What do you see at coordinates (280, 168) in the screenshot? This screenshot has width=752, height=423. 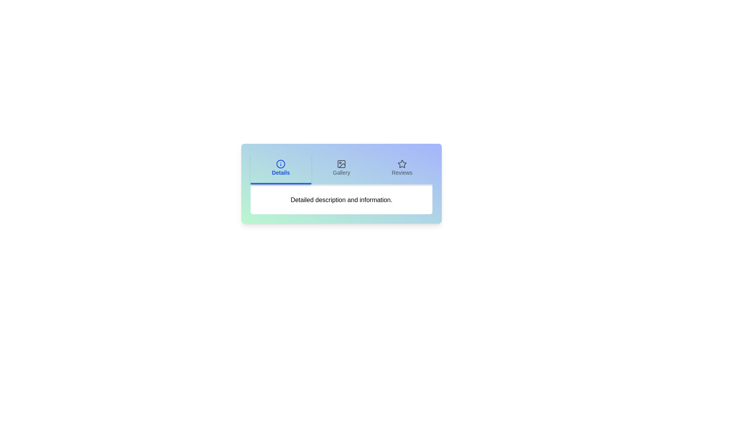 I see `the Details tab to view its content` at bounding box center [280, 168].